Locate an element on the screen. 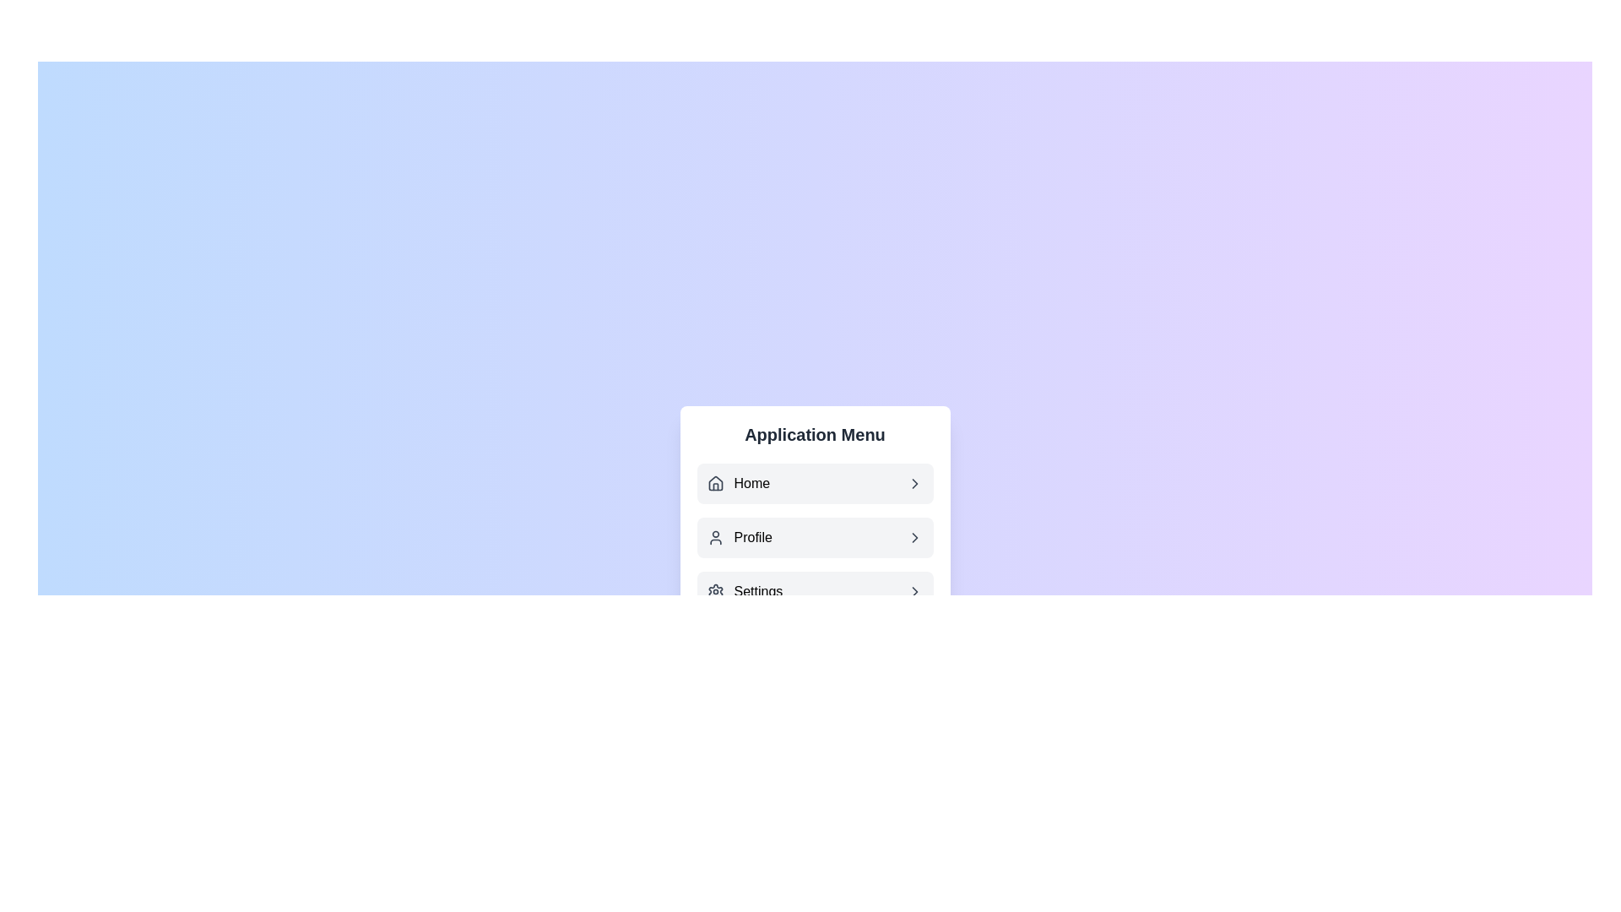 This screenshot has width=1621, height=912. the 'Profile' menu item in the navigational menu labeled 'Application Menu' is located at coordinates (815, 517).